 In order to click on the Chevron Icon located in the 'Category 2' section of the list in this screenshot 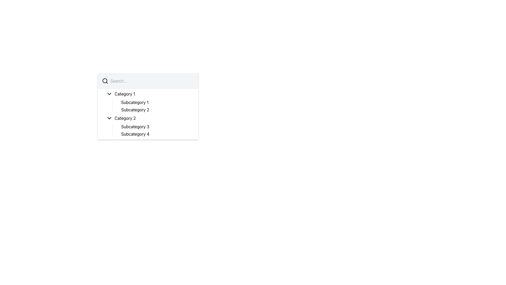, I will do `click(109, 118)`.